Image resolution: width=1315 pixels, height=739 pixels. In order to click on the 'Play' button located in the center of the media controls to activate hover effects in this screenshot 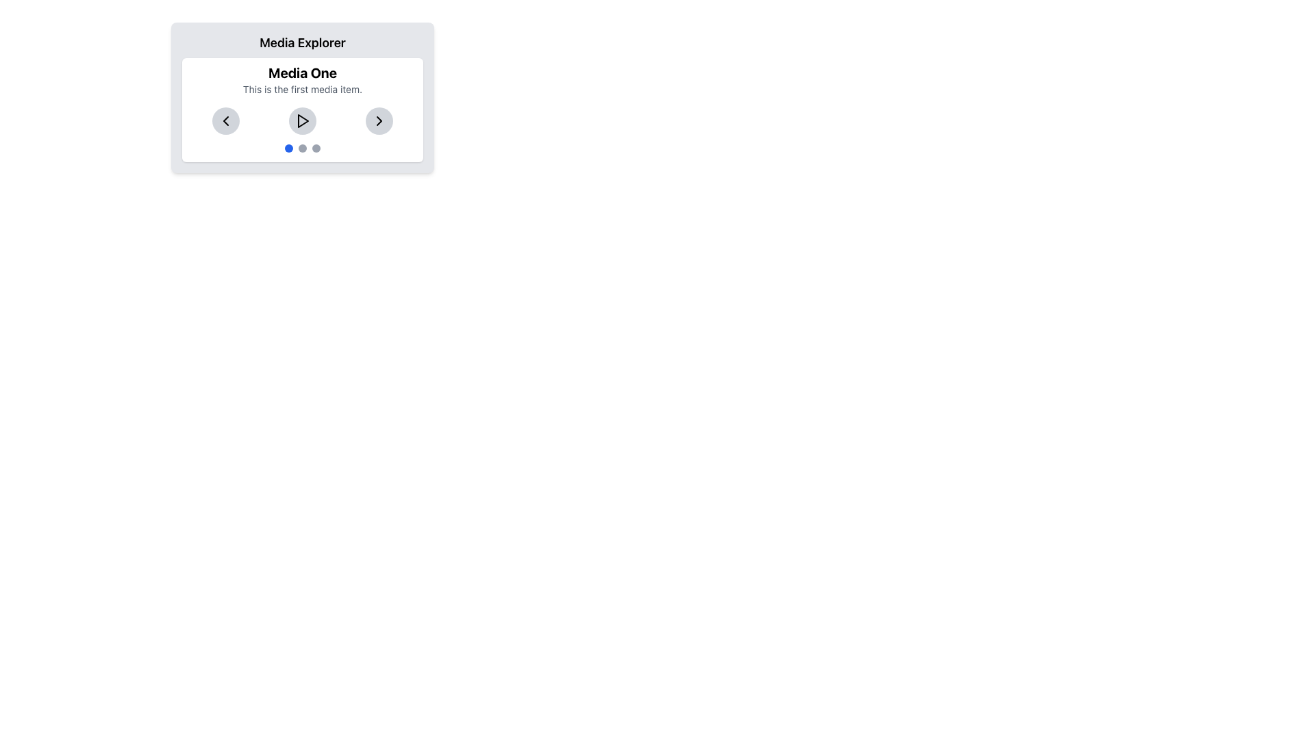, I will do `click(301, 120)`.